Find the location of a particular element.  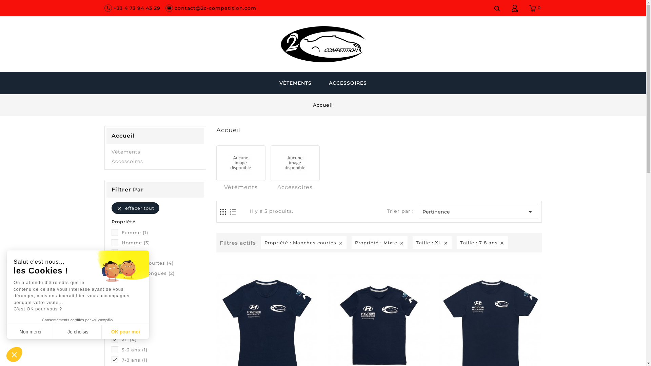

'Homme (3)' is located at coordinates (159, 242).